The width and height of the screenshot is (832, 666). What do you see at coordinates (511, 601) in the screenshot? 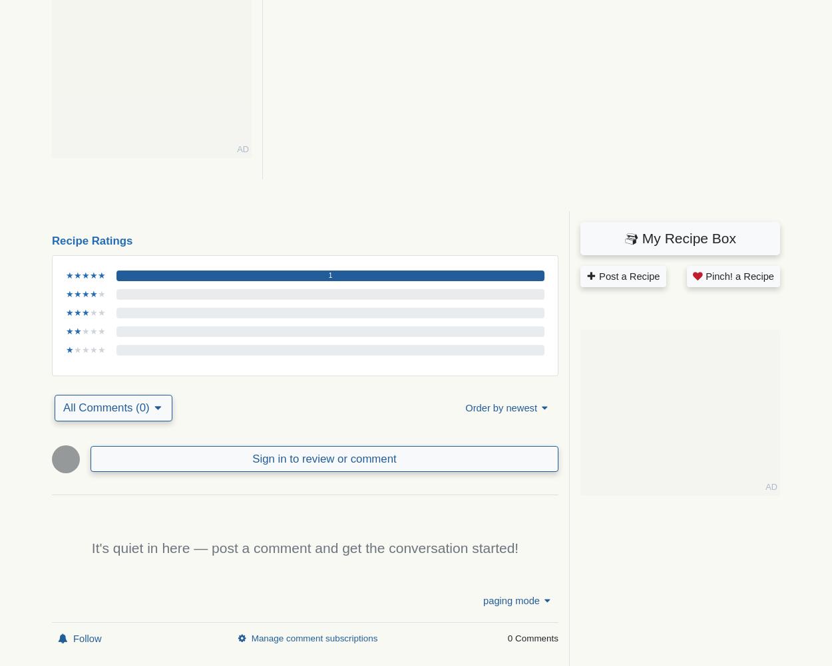
I see `'paging mode'` at bounding box center [511, 601].